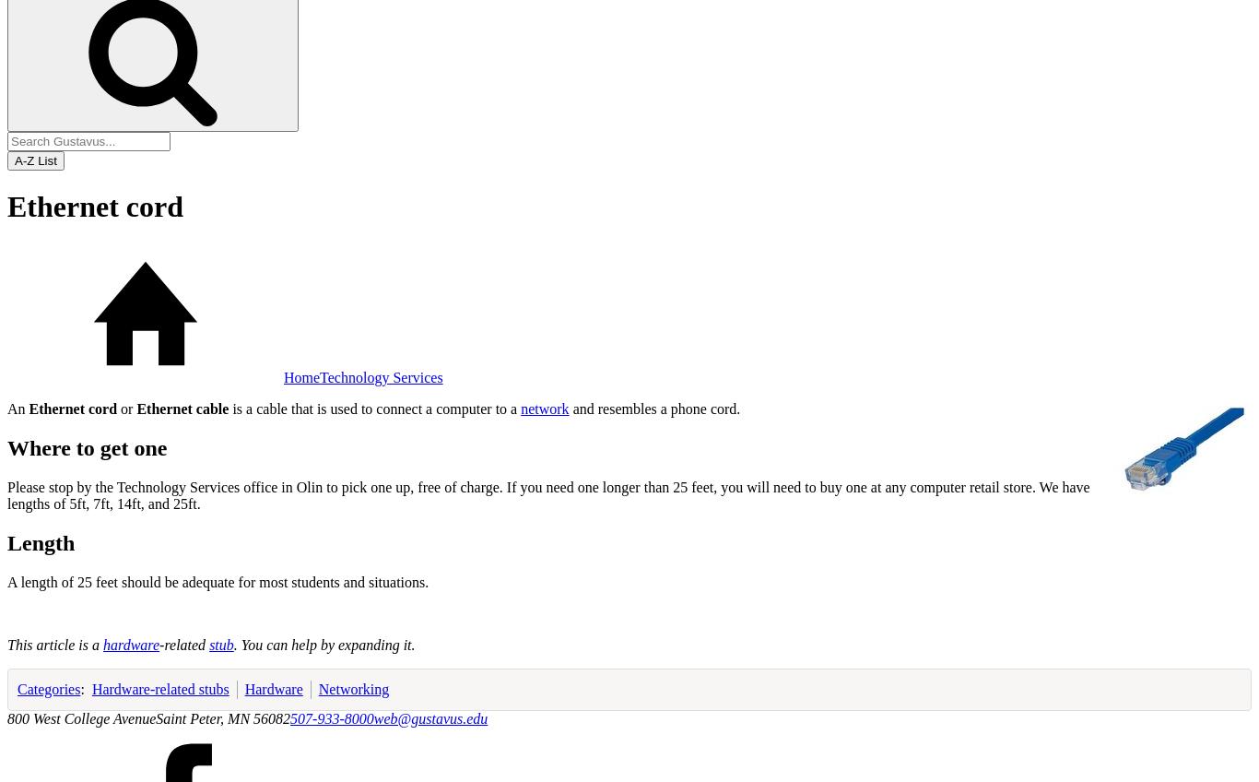 This screenshot has width=1259, height=782. What do you see at coordinates (654, 407) in the screenshot?
I see `'and resembles a phone cord.'` at bounding box center [654, 407].